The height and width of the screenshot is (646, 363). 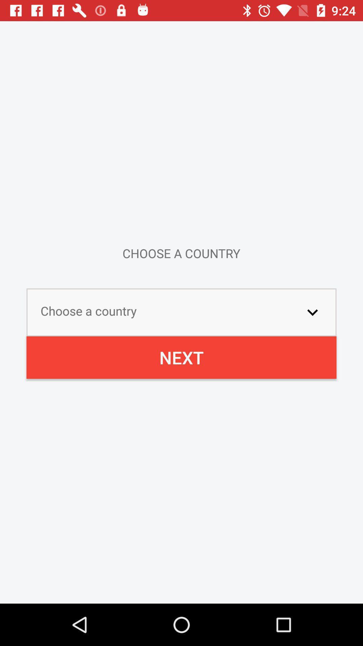 What do you see at coordinates (182, 357) in the screenshot?
I see `the next item` at bounding box center [182, 357].